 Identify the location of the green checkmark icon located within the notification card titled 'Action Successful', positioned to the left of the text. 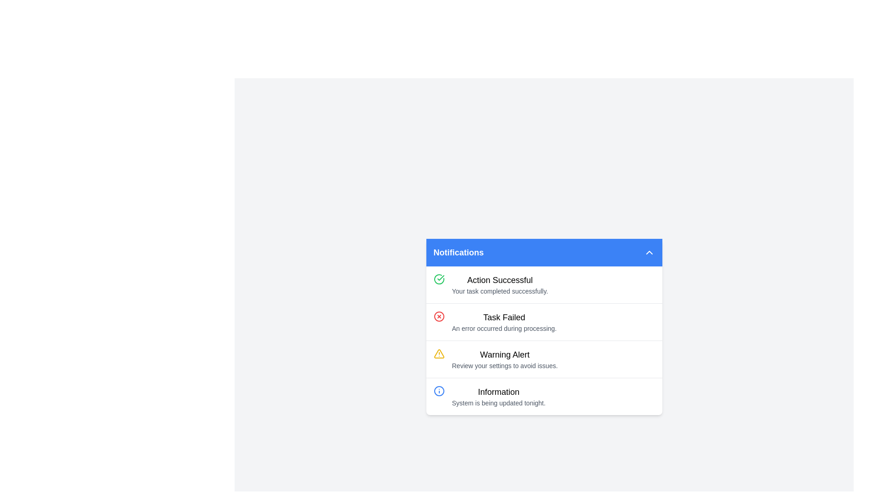
(440, 277).